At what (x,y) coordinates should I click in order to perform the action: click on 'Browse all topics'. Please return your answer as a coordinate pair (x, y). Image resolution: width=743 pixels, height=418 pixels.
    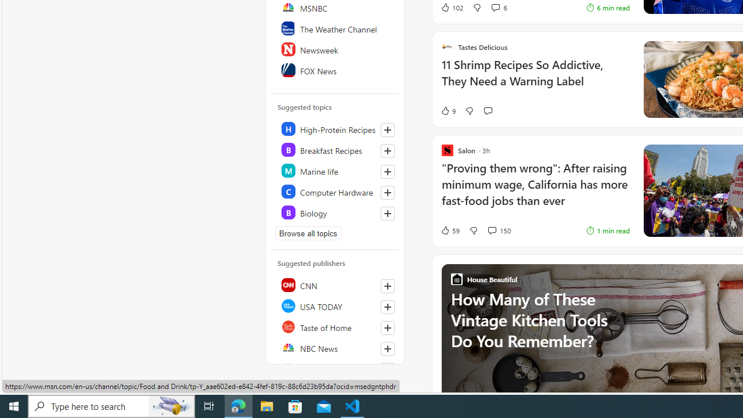
    Looking at the image, I should click on (308, 233).